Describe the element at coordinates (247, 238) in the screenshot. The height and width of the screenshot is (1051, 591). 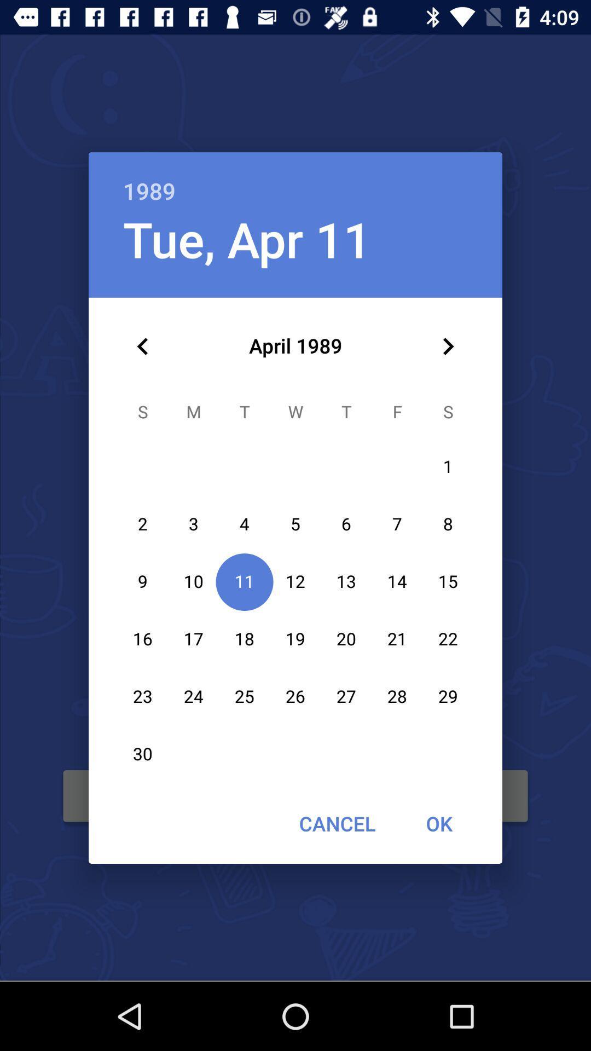
I see `tue, apr 11 item` at that location.